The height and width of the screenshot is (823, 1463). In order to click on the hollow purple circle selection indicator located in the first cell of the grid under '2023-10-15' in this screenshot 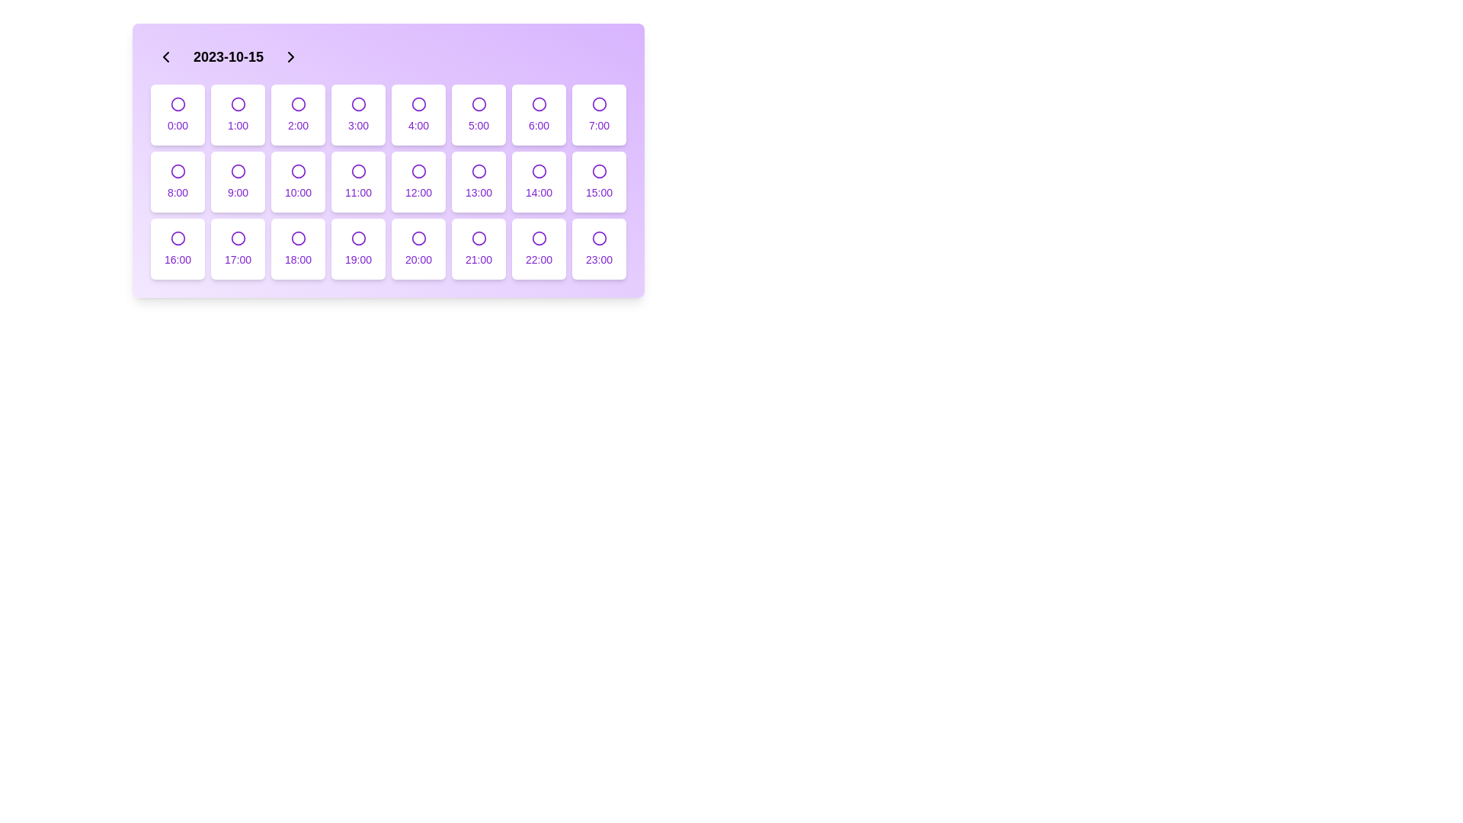, I will do `click(178, 104)`.